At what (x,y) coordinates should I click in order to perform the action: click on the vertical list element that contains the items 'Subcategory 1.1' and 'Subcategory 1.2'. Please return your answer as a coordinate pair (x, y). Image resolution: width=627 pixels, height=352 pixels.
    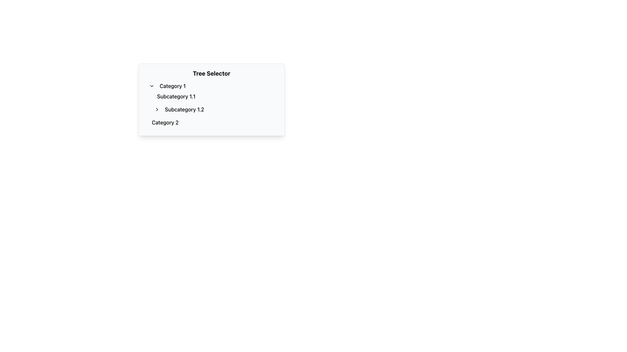
    Looking at the image, I should click on (214, 103).